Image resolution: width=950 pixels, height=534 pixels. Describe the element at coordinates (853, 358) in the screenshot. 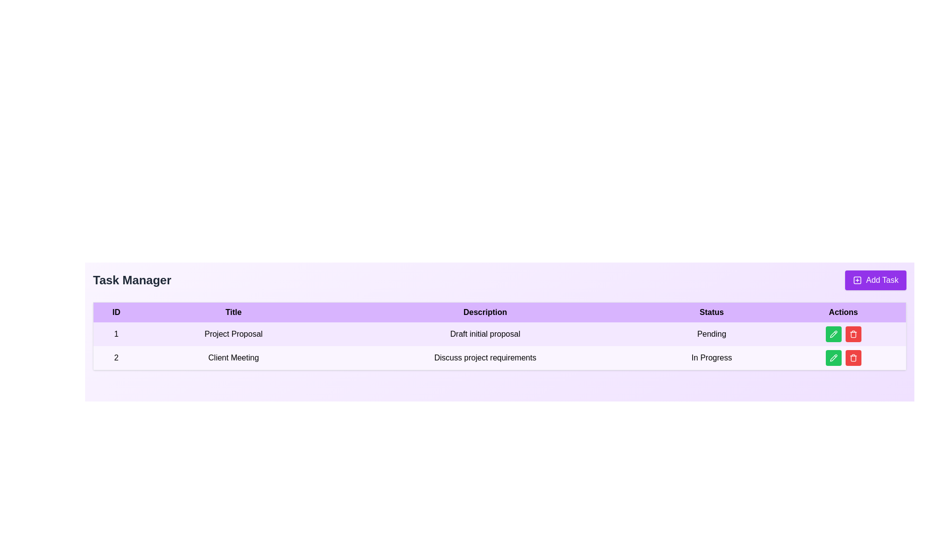

I see `the delete button located in the 'Actions' column of the second row of the table for the 'Client Meeting' task to initiate the delete action` at that location.